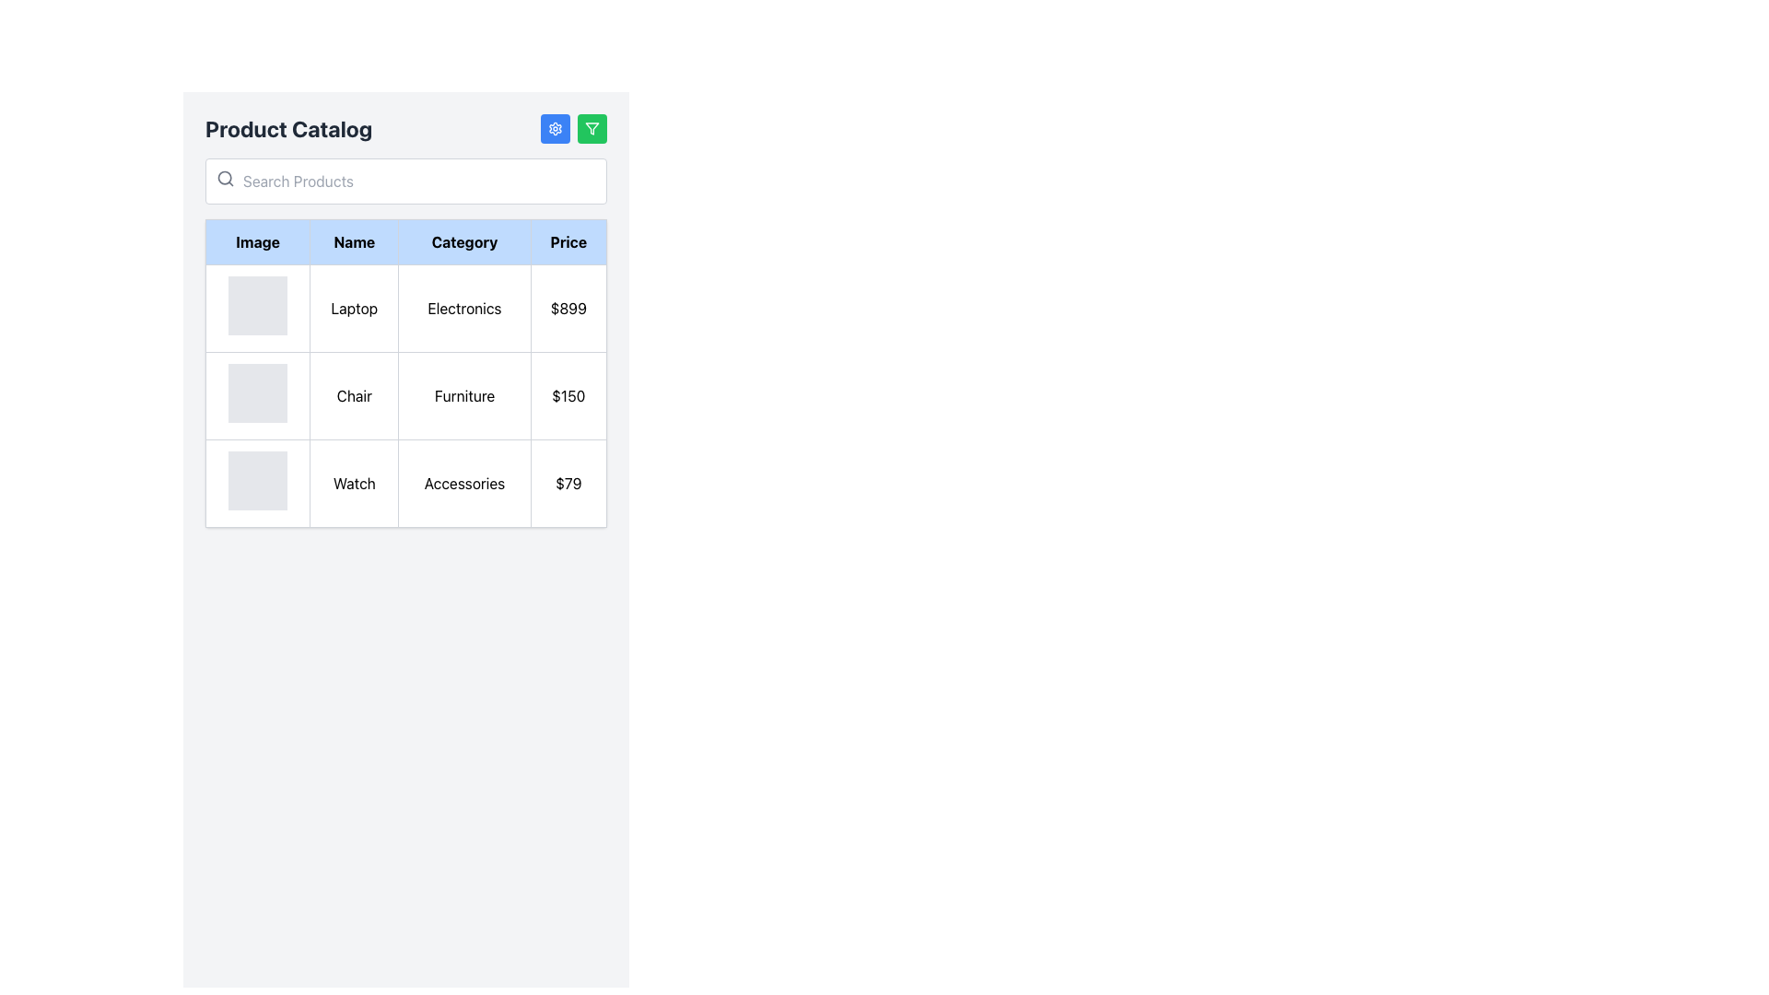 Image resolution: width=1769 pixels, height=995 pixels. What do you see at coordinates (257, 482) in the screenshot?
I see `the image placeholder in the fourth row and first column of the table under the 'Image' column, which is aligned with 'Watch', 'Accessories', and '$79'` at bounding box center [257, 482].